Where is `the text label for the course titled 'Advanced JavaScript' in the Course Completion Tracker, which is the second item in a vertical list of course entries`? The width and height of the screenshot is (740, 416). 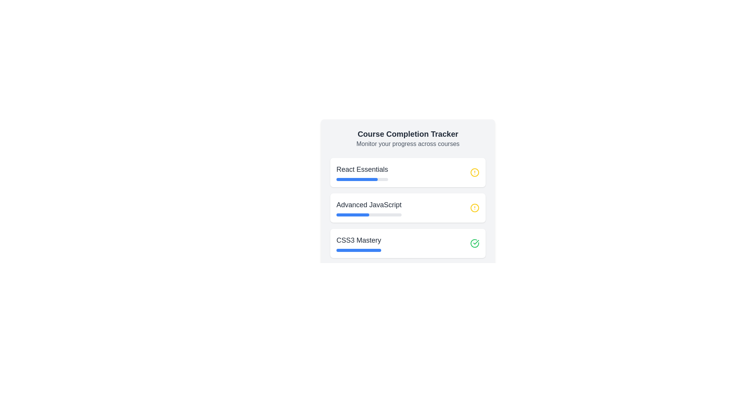 the text label for the course titled 'Advanced JavaScript' in the Course Completion Tracker, which is the second item in a vertical list of course entries is located at coordinates (368, 208).